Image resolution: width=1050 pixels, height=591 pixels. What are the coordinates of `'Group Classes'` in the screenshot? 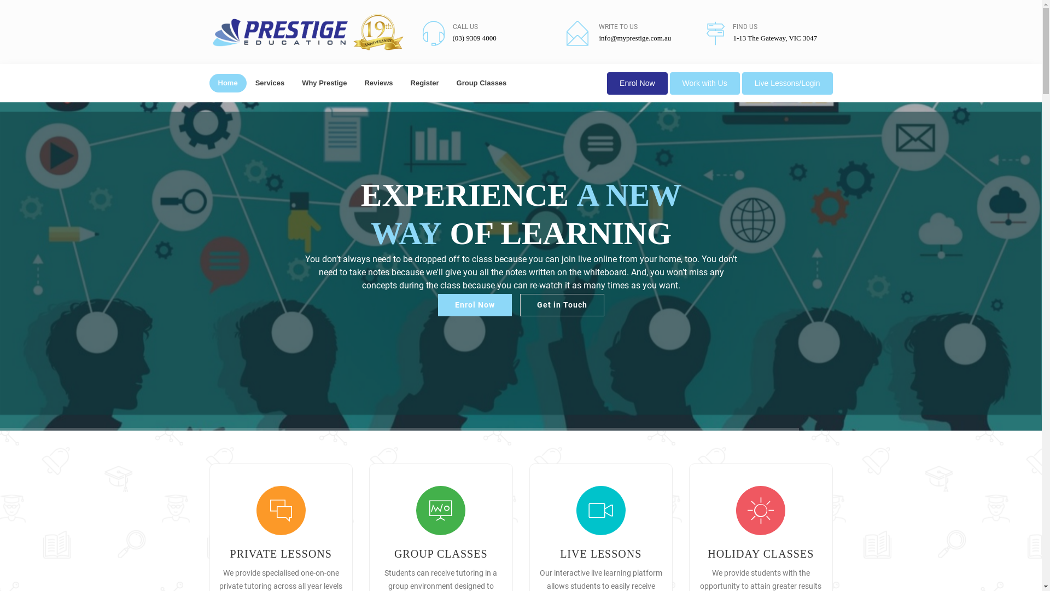 It's located at (481, 82).